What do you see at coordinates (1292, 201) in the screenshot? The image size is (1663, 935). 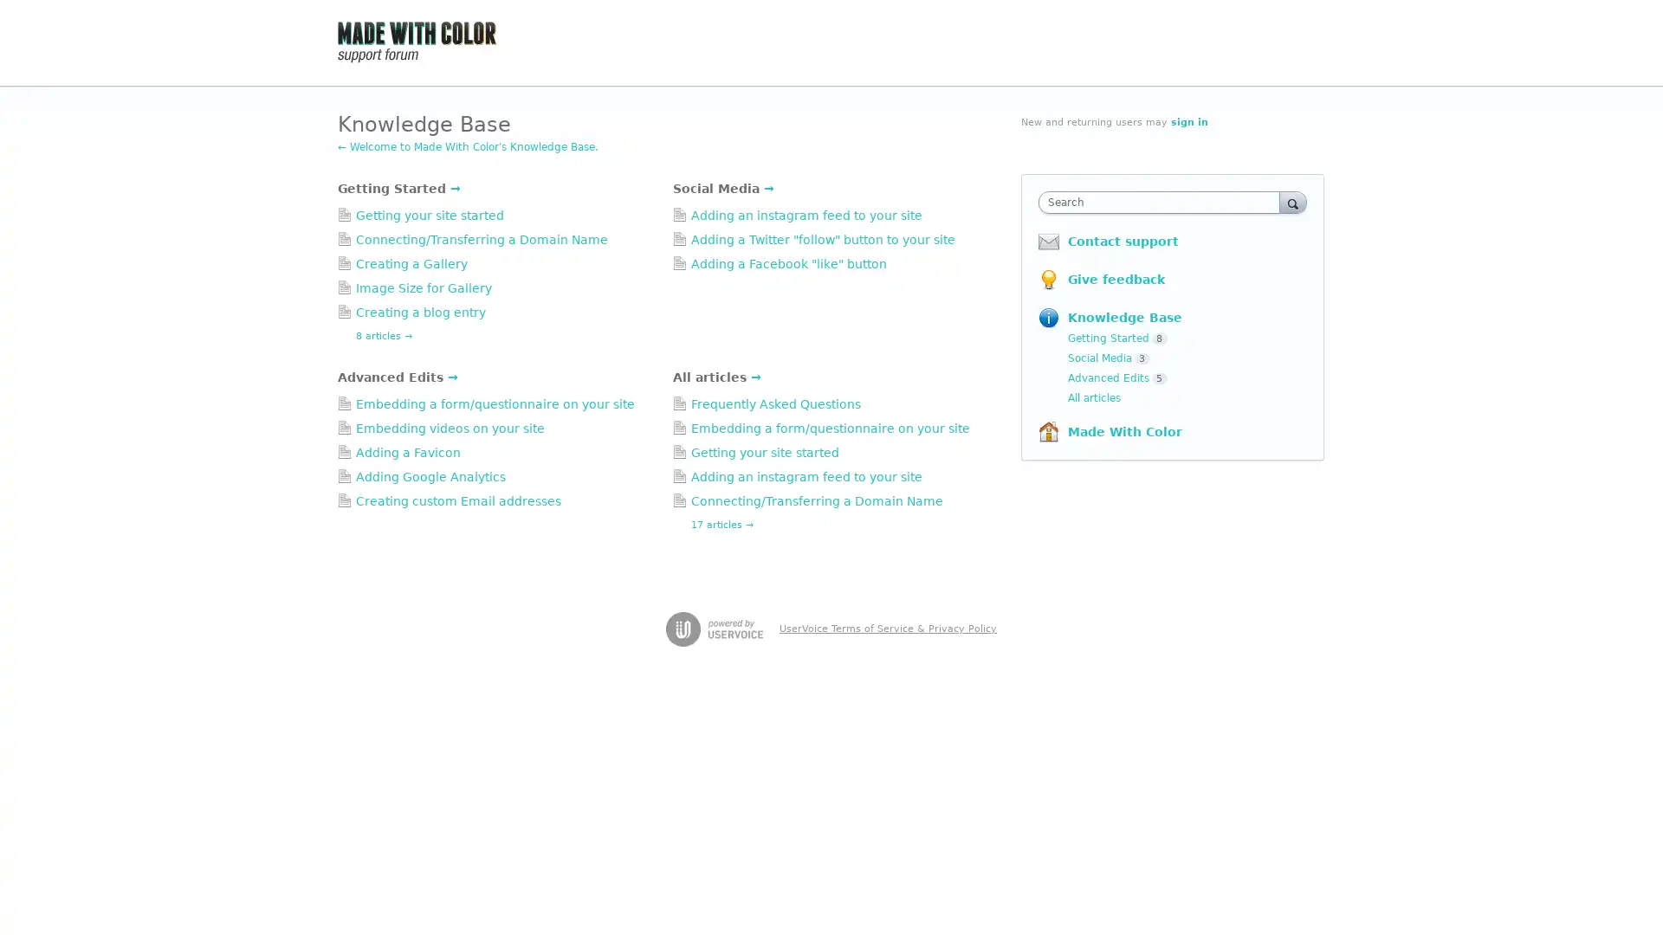 I see `Search` at bounding box center [1292, 201].